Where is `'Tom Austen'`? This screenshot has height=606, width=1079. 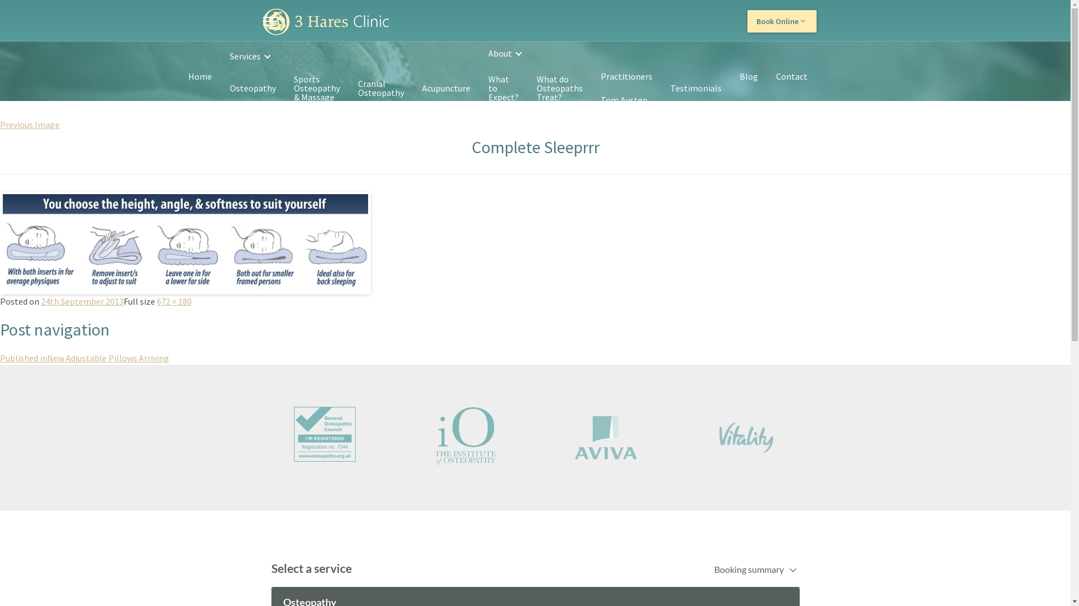
'Tom Austen' is located at coordinates (623, 99).